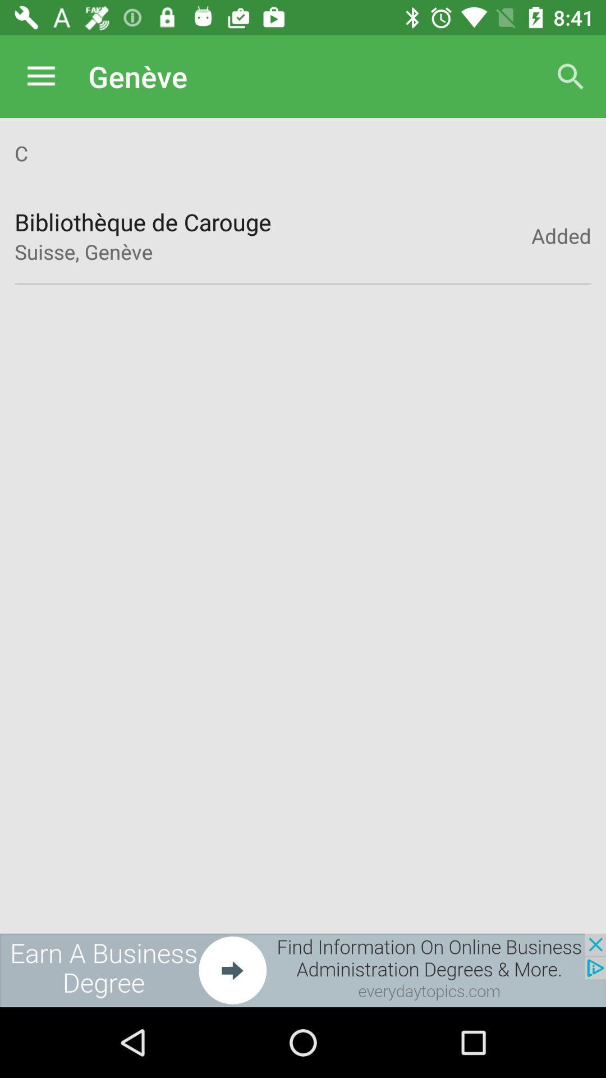 The width and height of the screenshot is (606, 1078). What do you see at coordinates (303, 970) in the screenshot?
I see `the advertisement page` at bounding box center [303, 970].